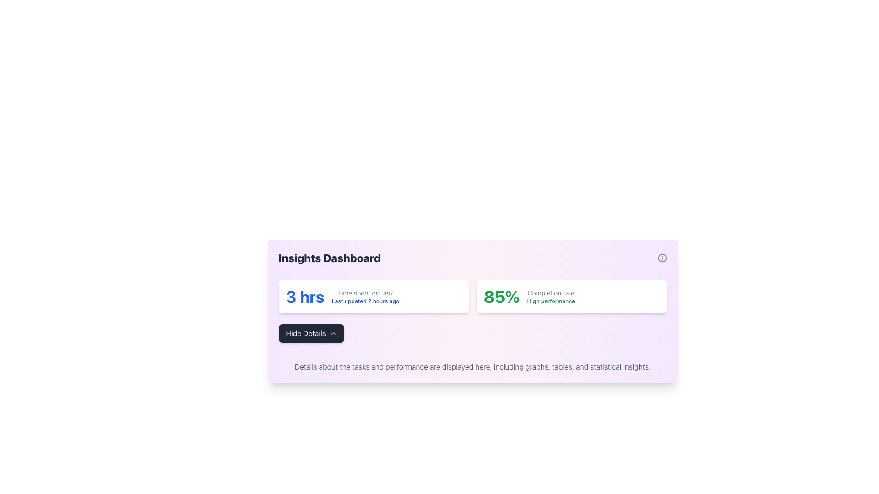 This screenshot has height=494, width=879. I want to click on the toggle button located near the bottom left of the 'Insights Dashboard' panel, so click(311, 333).